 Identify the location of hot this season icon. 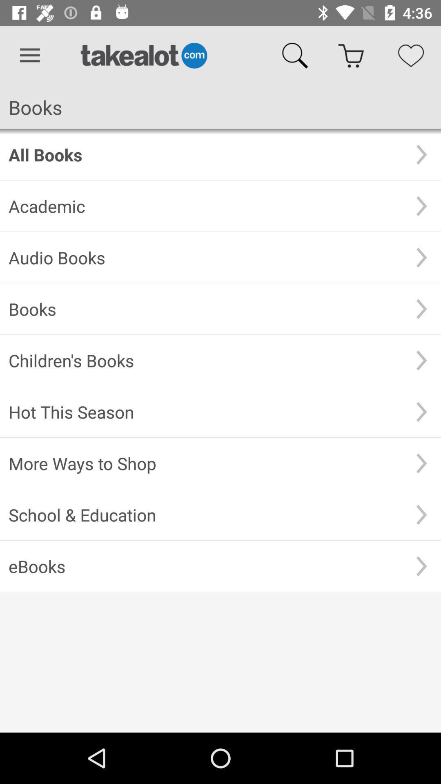
(205, 412).